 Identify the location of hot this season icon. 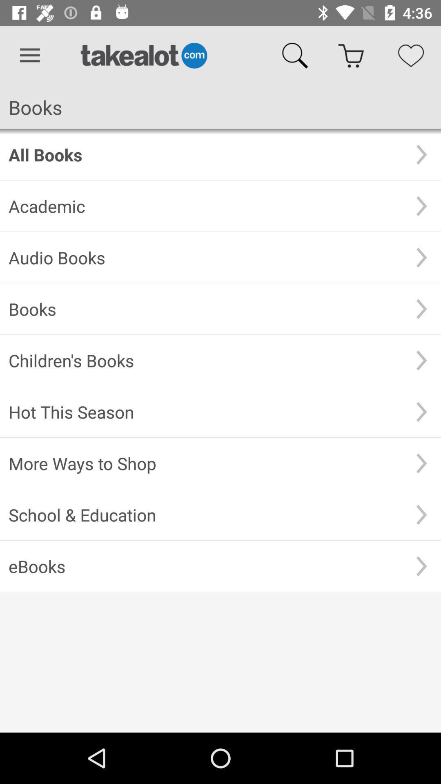
(205, 412).